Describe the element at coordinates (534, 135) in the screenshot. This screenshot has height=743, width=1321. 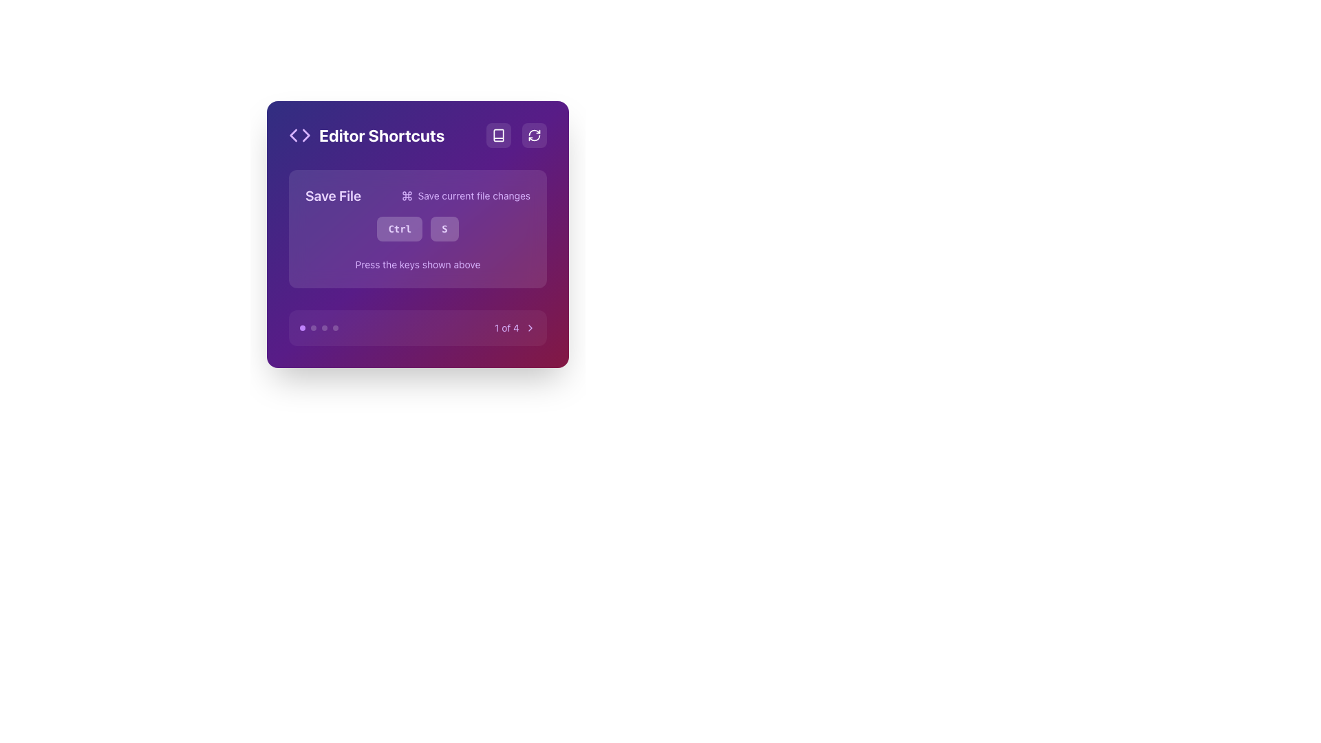
I see `the refresh button located in the top-right corner of the panel to reload the content` at that location.